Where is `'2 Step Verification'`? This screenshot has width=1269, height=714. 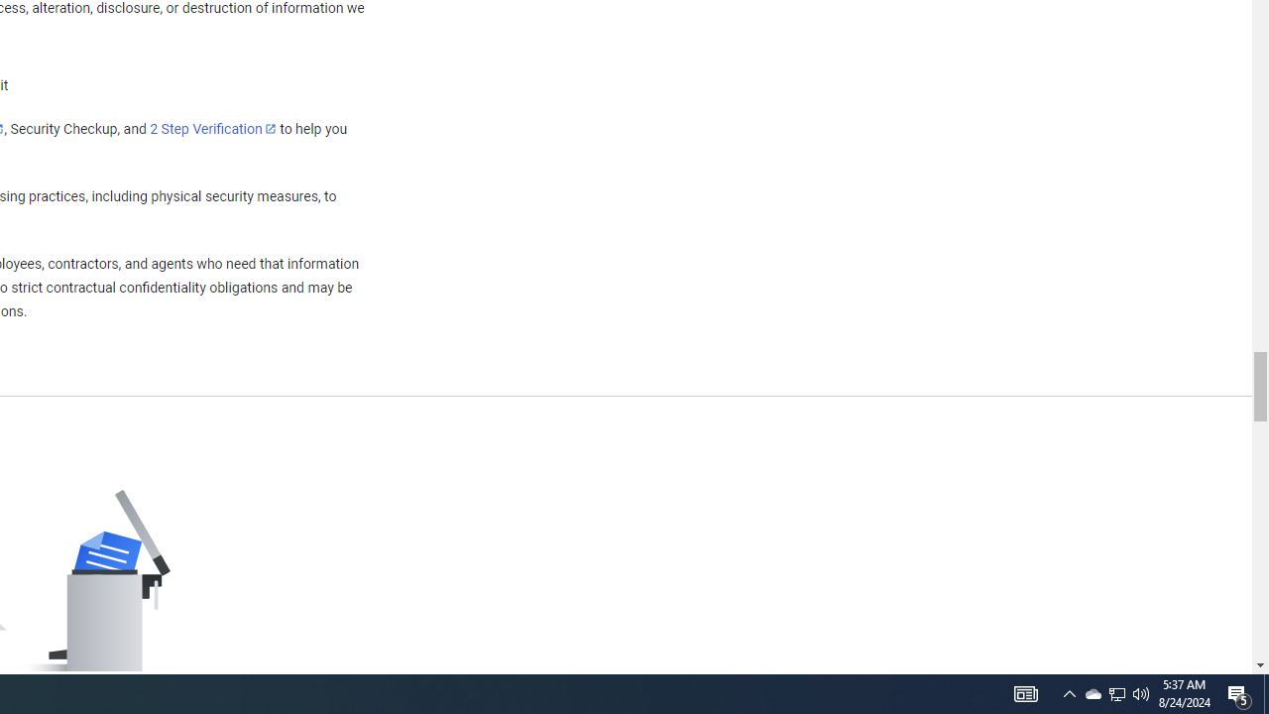 '2 Step Verification' is located at coordinates (213, 128).